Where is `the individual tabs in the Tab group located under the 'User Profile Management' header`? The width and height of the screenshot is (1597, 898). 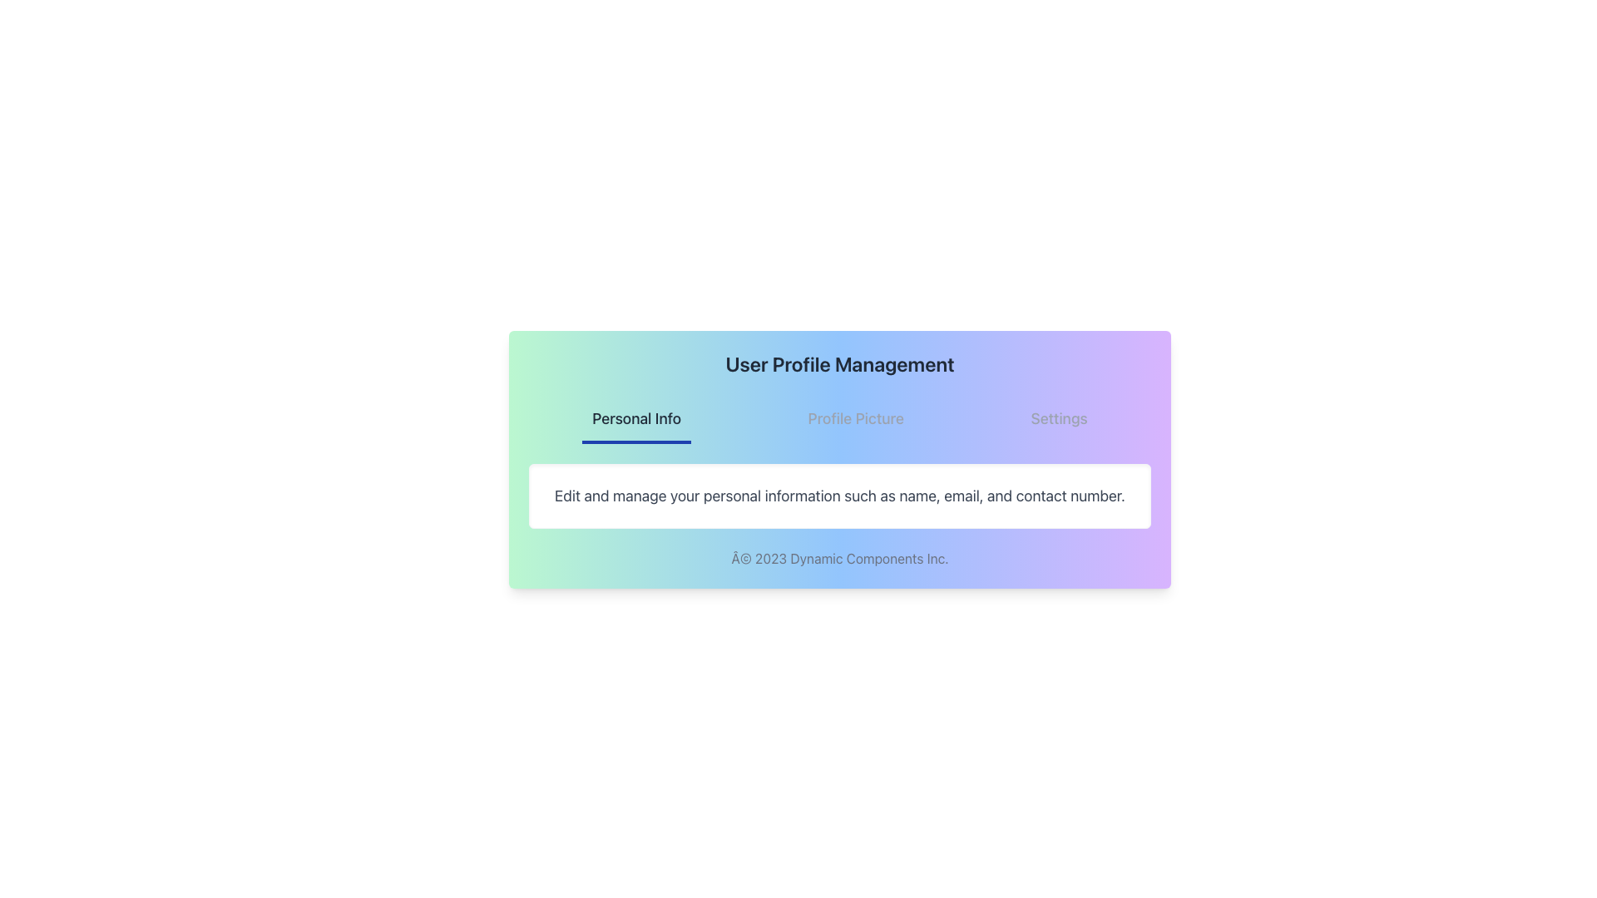 the individual tabs in the Tab group located under the 'User Profile Management' header is located at coordinates (839, 419).